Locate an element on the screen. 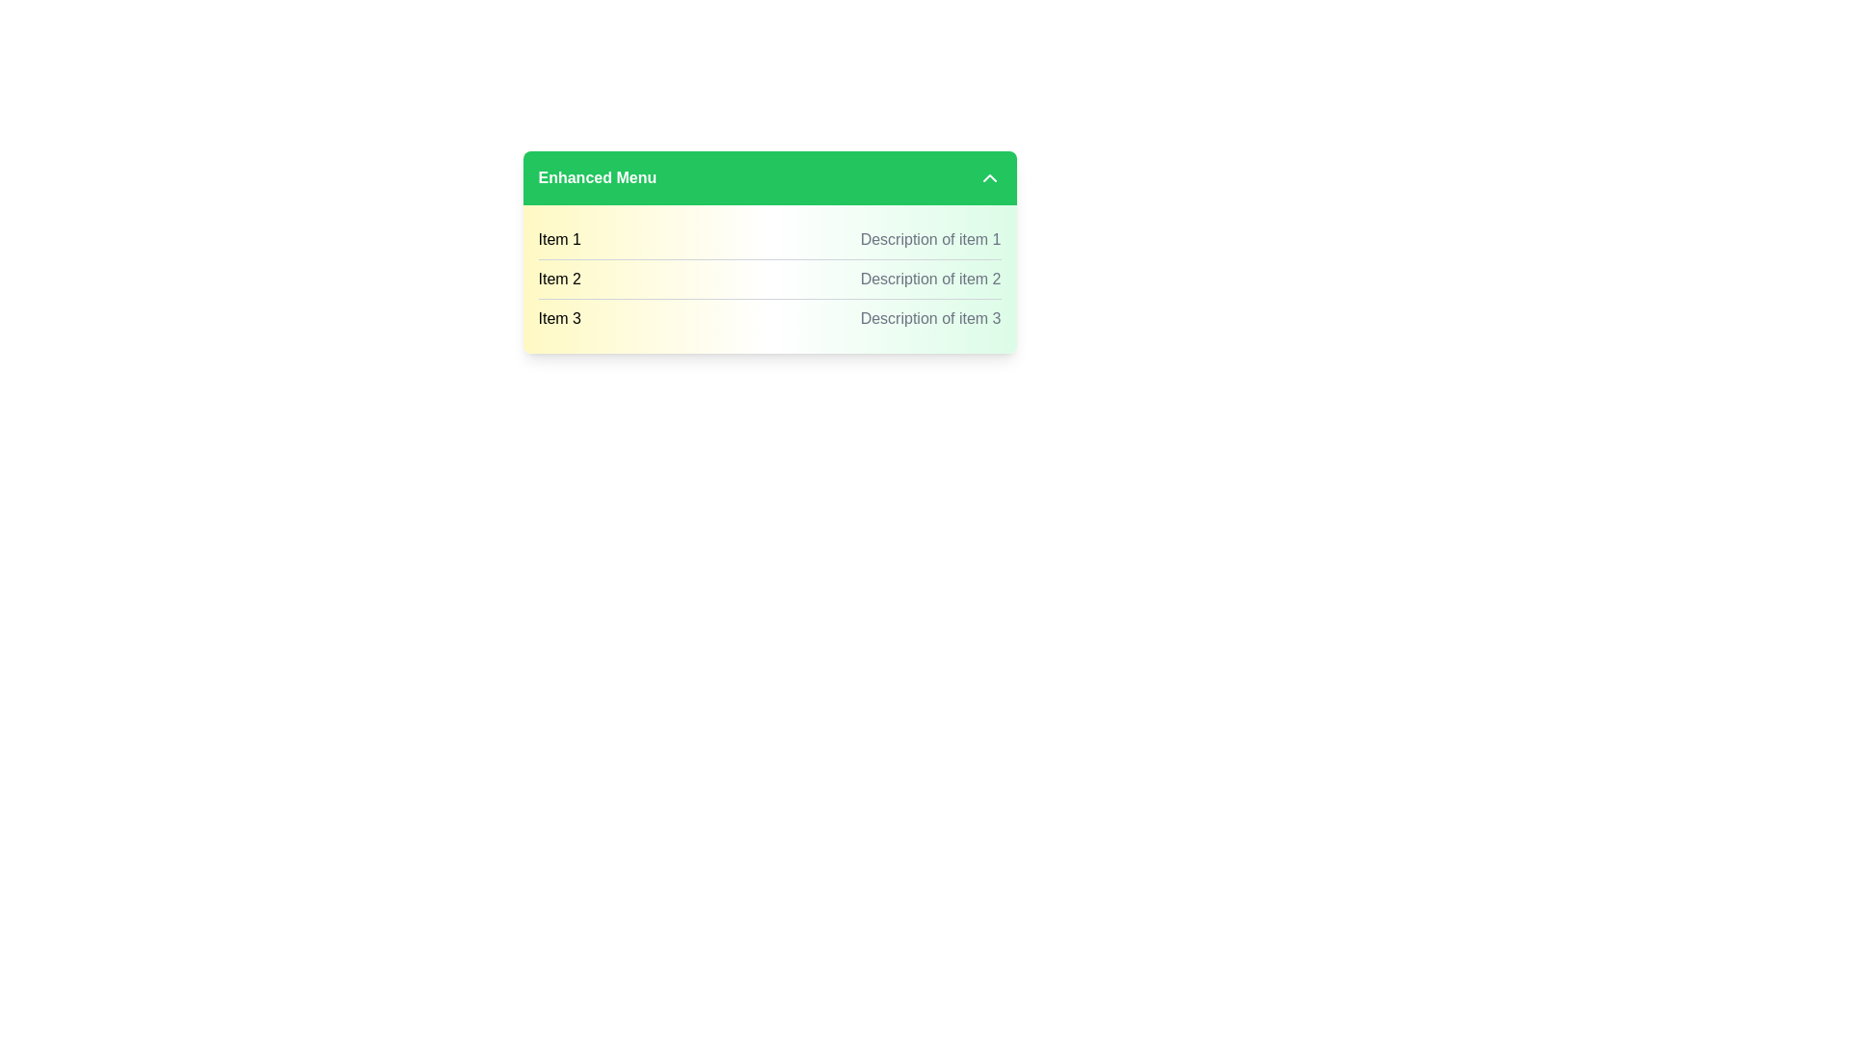  the label that identifies the first item in the list, which is positioned to the left of 'Description of item 1' is located at coordinates (558, 239).